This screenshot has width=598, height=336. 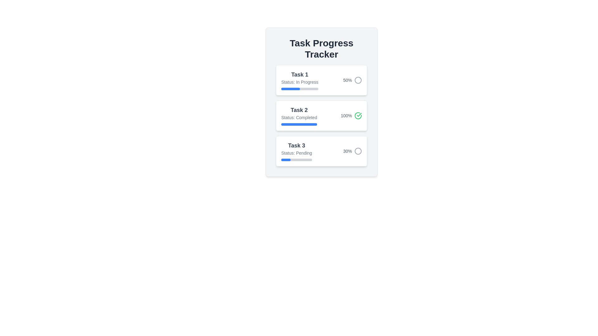 I want to click on information displayed on the task summary card located in the 'Task Progress Tracker', which is the third card in the vertical list of task cards, so click(x=321, y=151).